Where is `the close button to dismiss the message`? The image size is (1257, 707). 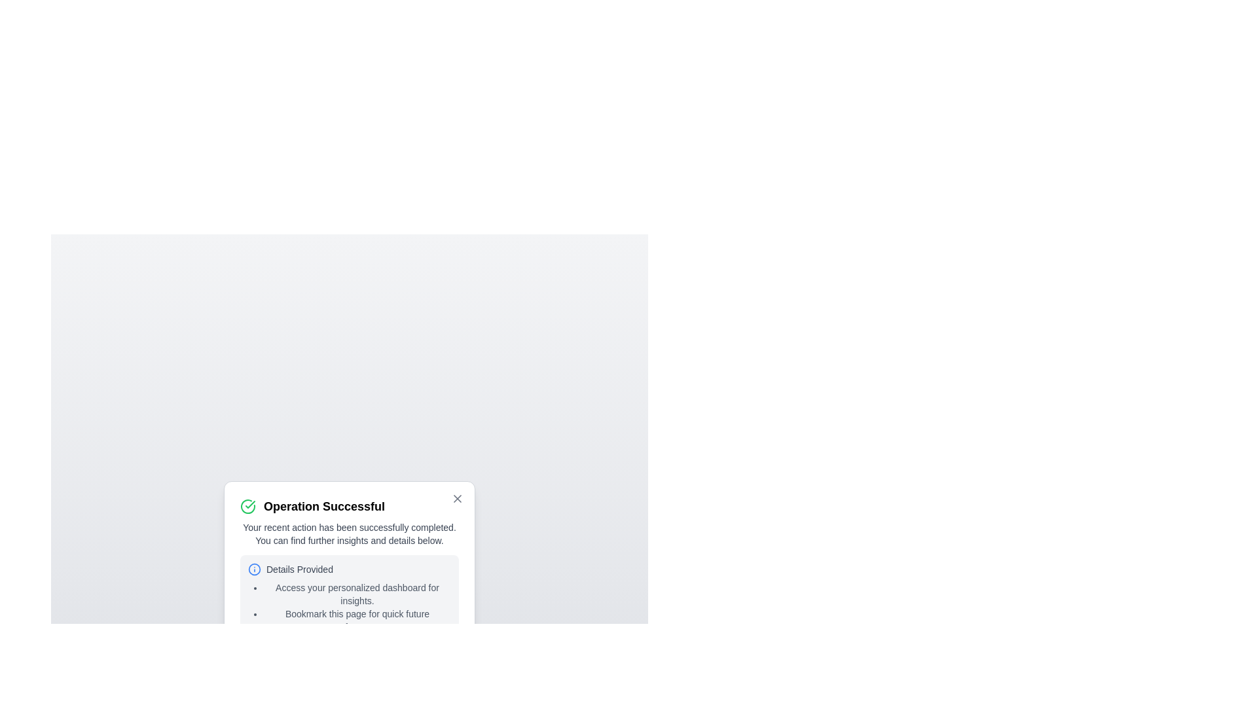 the close button to dismiss the message is located at coordinates (458, 499).